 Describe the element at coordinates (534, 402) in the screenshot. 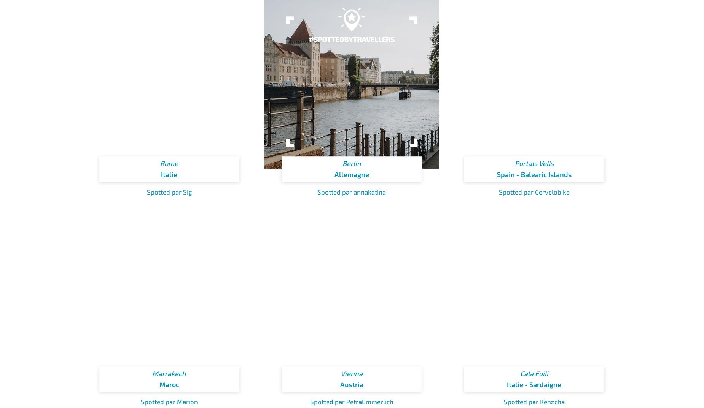

I see `'Spotted par Kenzcha'` at that location.